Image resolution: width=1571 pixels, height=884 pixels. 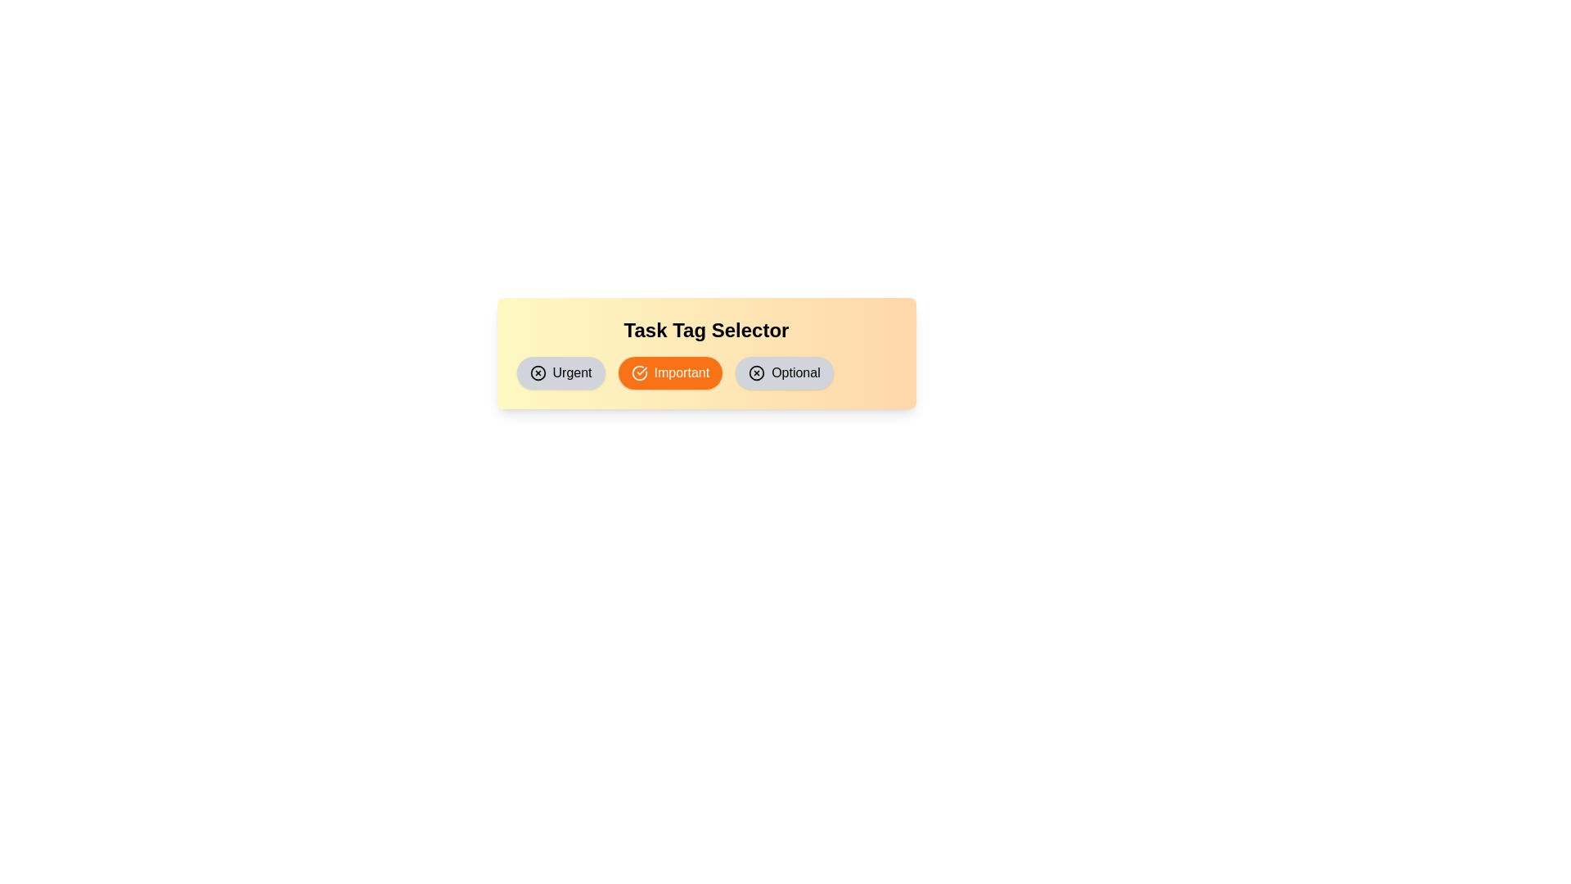 What do you see at coordinates (783, 372) in the screenshot?
I see `the tag labeled Optional` at bounding box center [783, 372].